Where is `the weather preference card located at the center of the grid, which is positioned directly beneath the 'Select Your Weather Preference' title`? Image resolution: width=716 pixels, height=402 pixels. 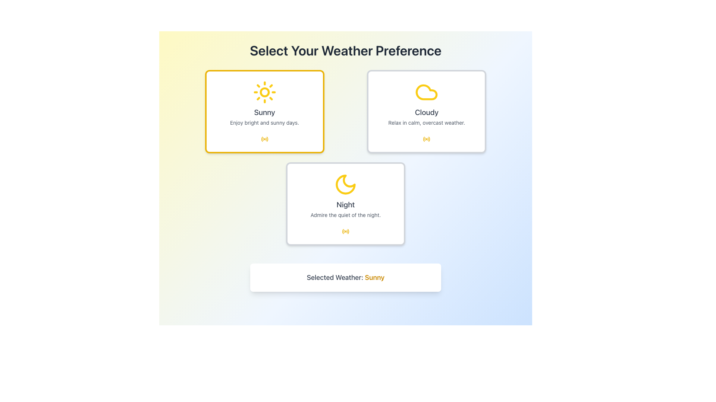
the weather preference card located at the center of the grid, which is positioned directly beneath the 'Select Your Weather Preference' title is located at coordinates (345, 157).